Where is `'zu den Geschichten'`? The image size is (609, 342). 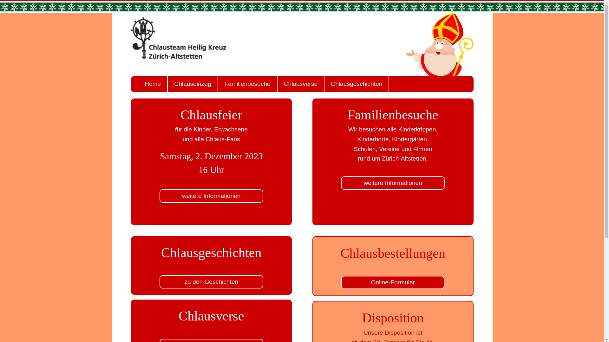 'zu den Geschichten' is located at coordinates (211, 282).